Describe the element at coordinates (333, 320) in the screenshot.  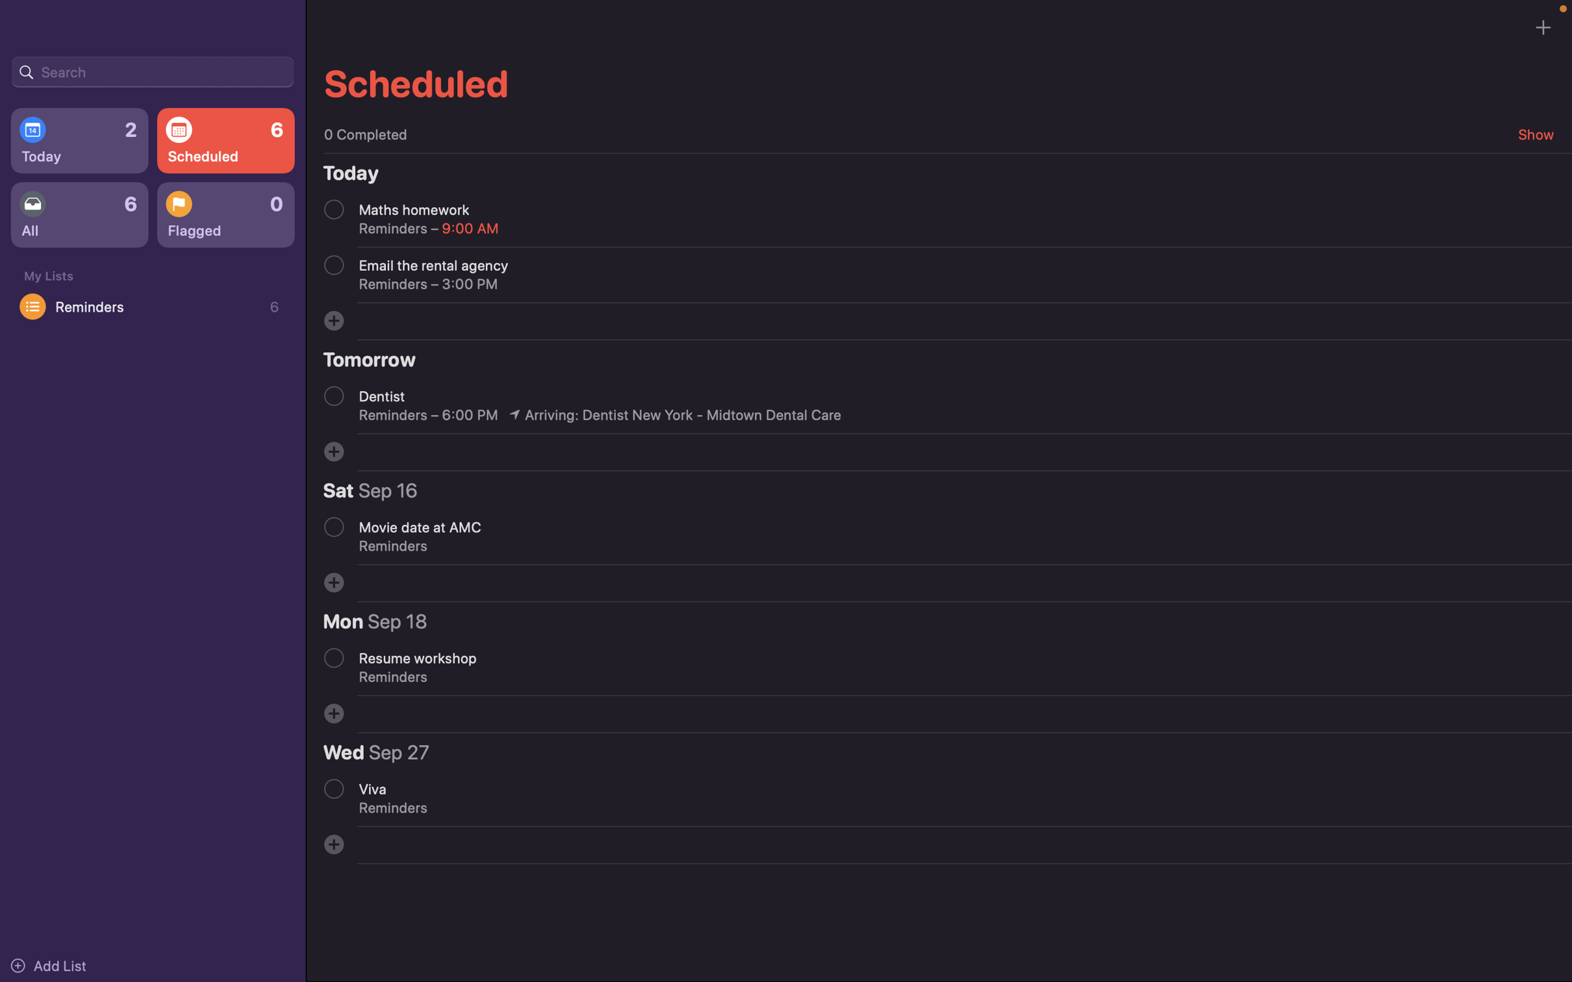
I see `Add a new event for next week` at that location.